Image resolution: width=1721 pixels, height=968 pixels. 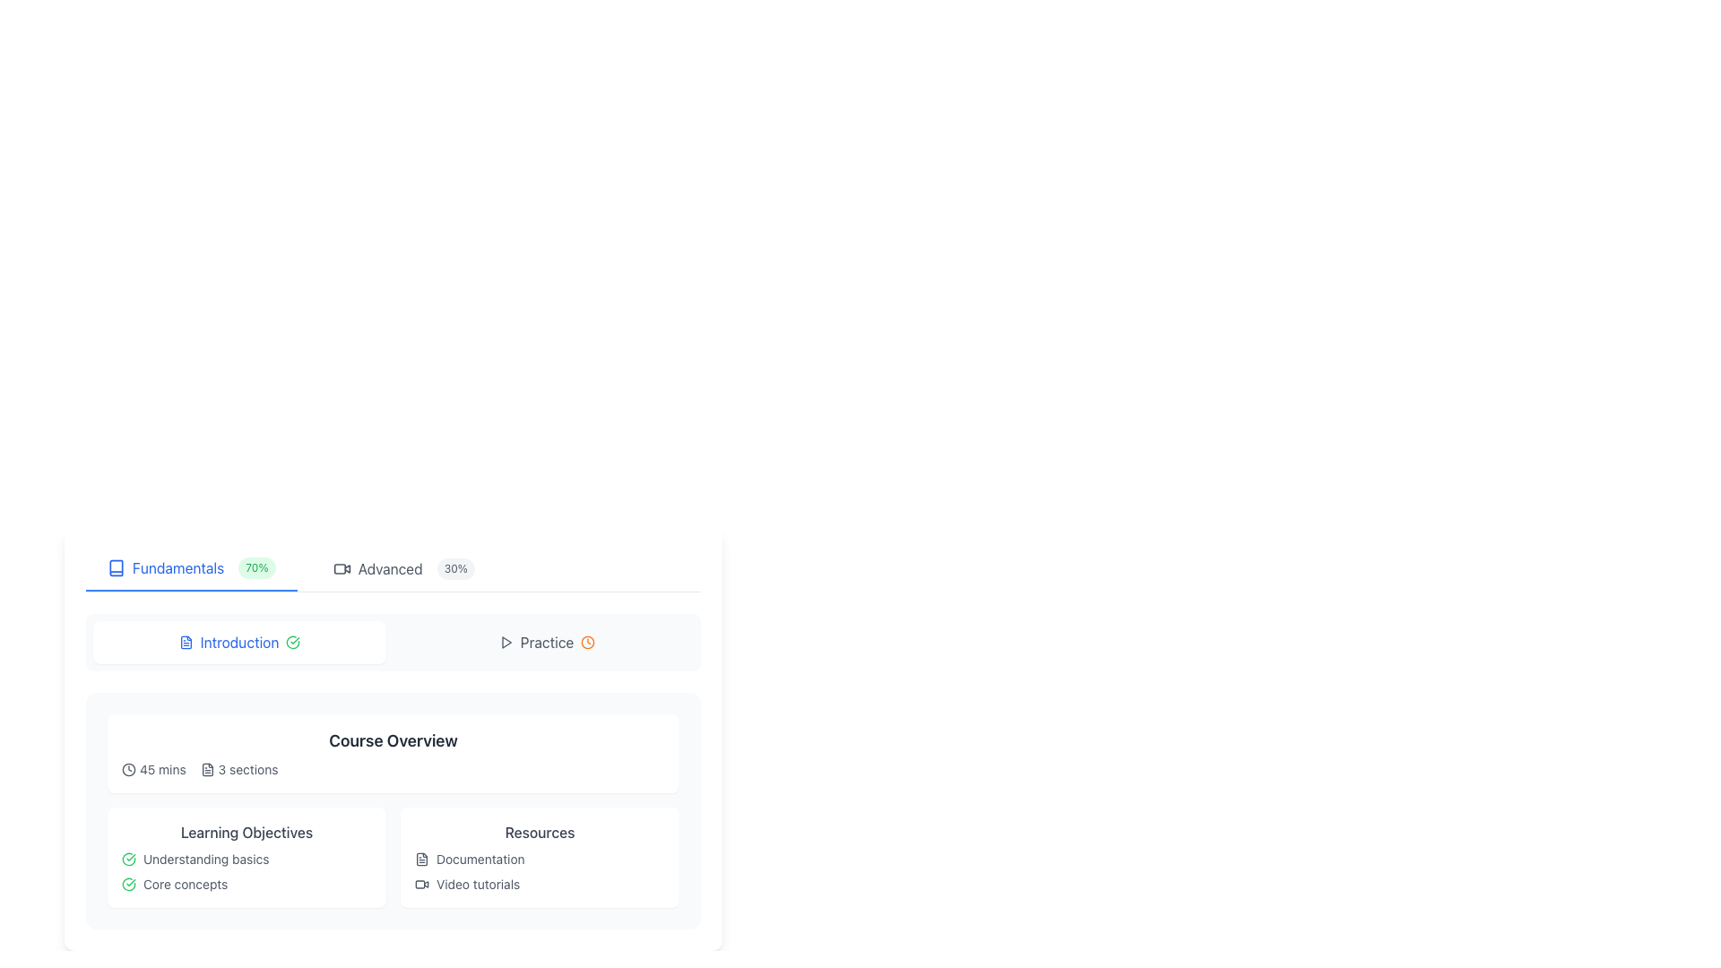 I want to click on the individual items in the progress list under the 'Learning Objectives' section, which includes 'Understanding basics' and 'Core concepts' with green checkmark icons, so click(x=246, y=870).